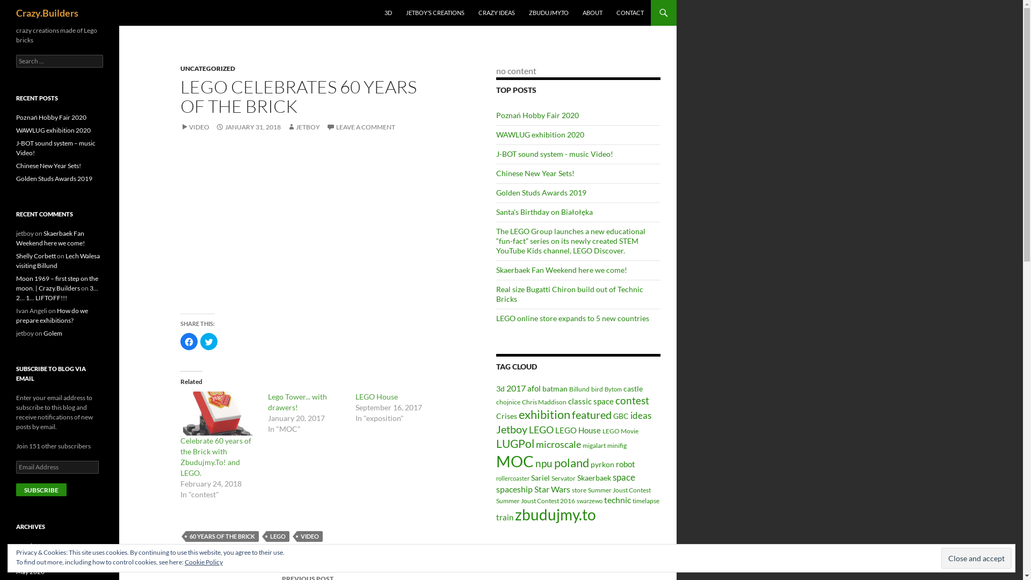 This screenshot has height=580, width=1031. Describe the element at coordinates (504, 517) in the screenshot. I see `'train'` at that location.